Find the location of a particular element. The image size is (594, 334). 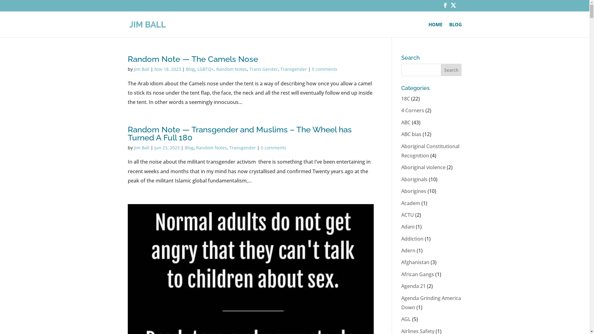

'Aborigines' is located at coordinates (414, 191).